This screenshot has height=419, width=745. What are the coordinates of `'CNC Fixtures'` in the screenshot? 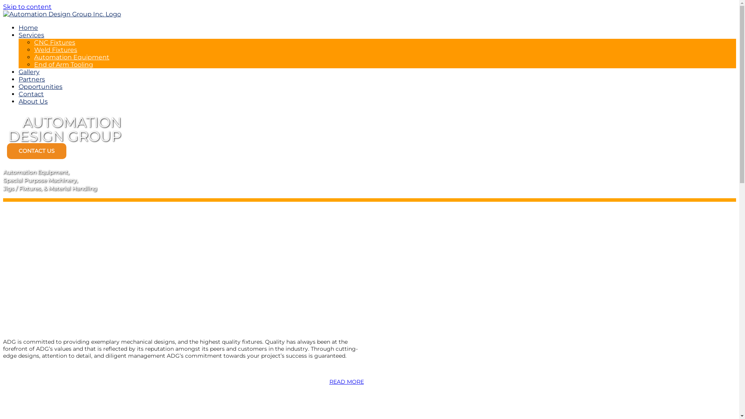 It's located at (33, 42).